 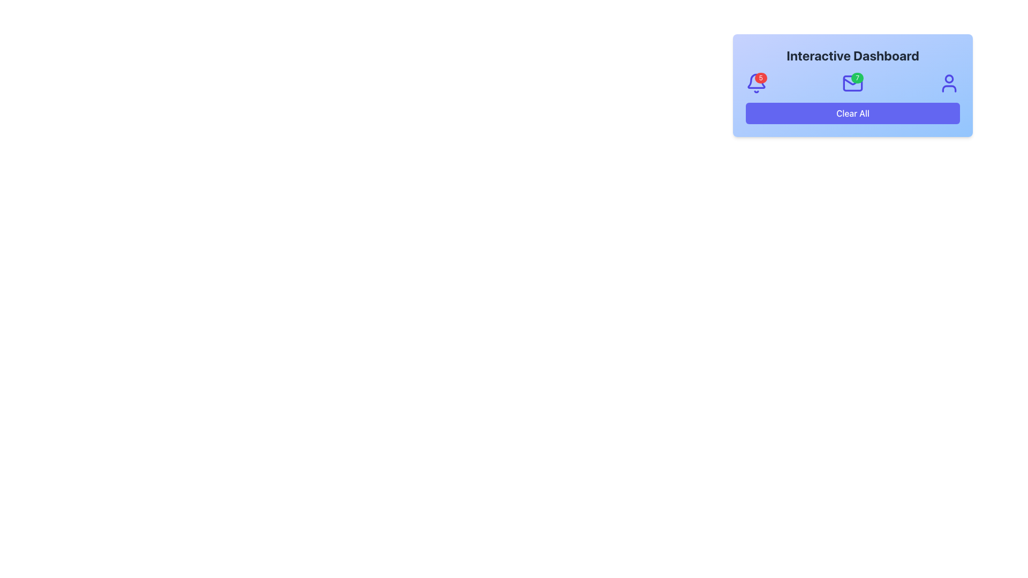 What do you see at coordinates (852, 113) in the screenshot?
I see `the 'Clear All' button with a solid indigo background located at the bottom center of the card` at bounding box center [852, 113].